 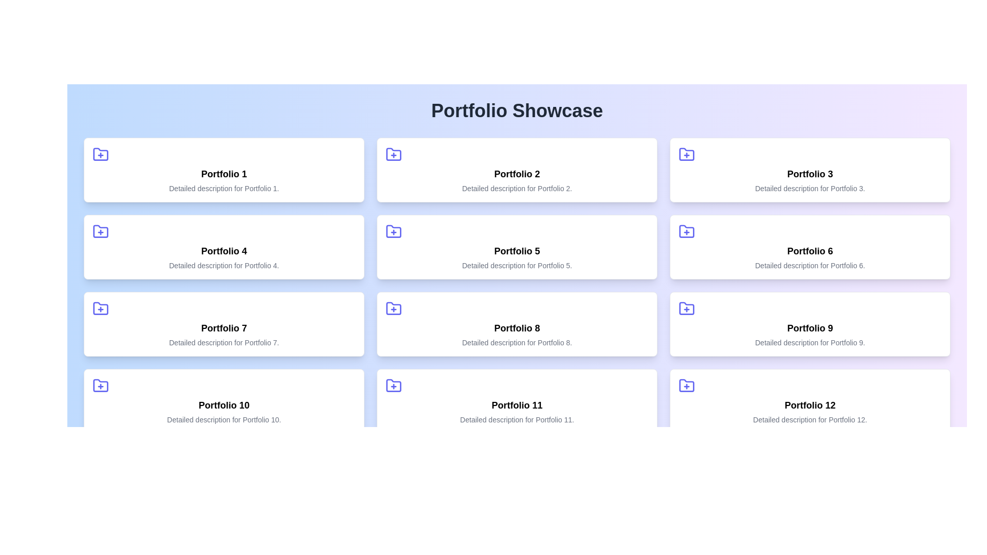 I want to click on the Card element displaying 'Portfolio 11' with a blue folder icon, located in the fourth row, middle column of the grid layout, so click(x=517, y=400).